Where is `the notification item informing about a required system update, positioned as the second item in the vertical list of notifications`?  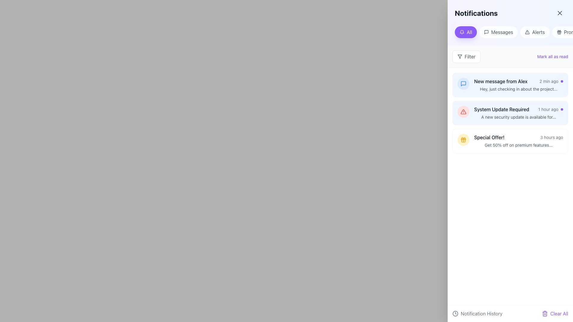 the notification item informing about a required system update, positioned as the second item in the vertical list of notifications is located at coordinates (518, 109).